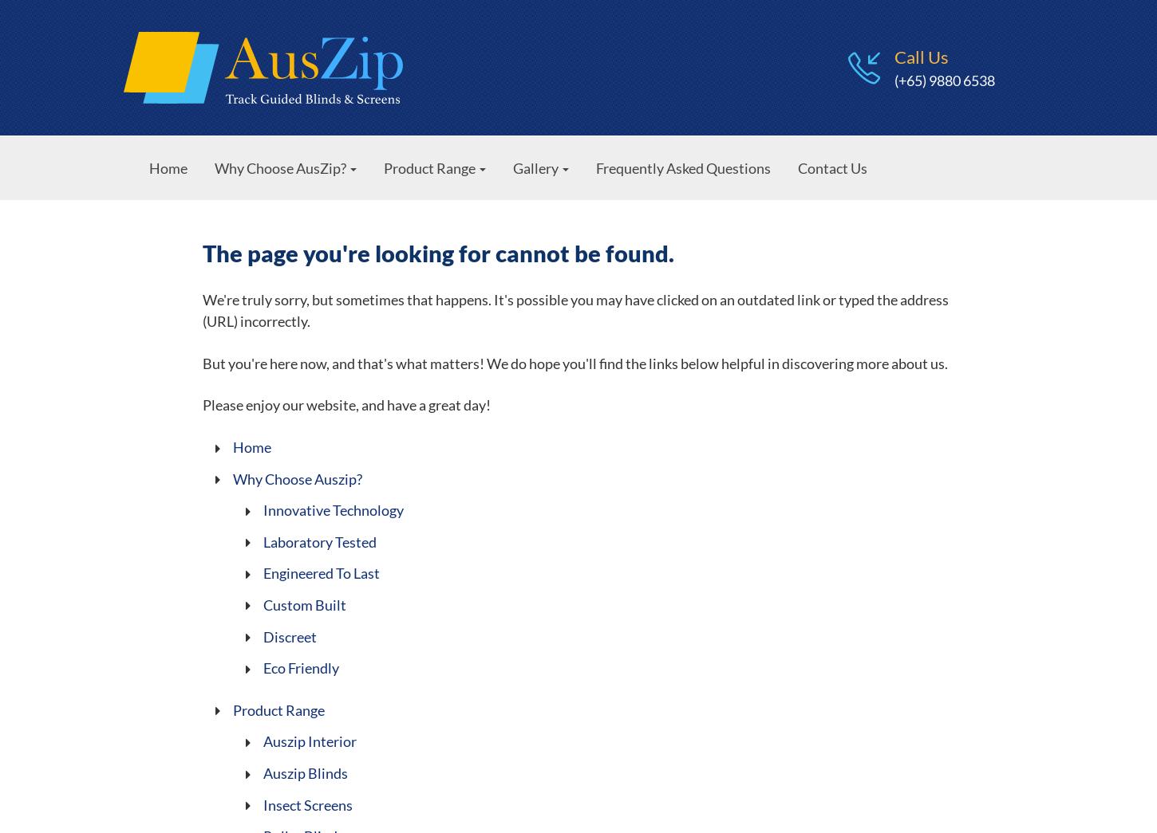 The width and height of the screenshot is (1157, 833). I want to click on 'Frequently Asked Questions', so click(682, 167).